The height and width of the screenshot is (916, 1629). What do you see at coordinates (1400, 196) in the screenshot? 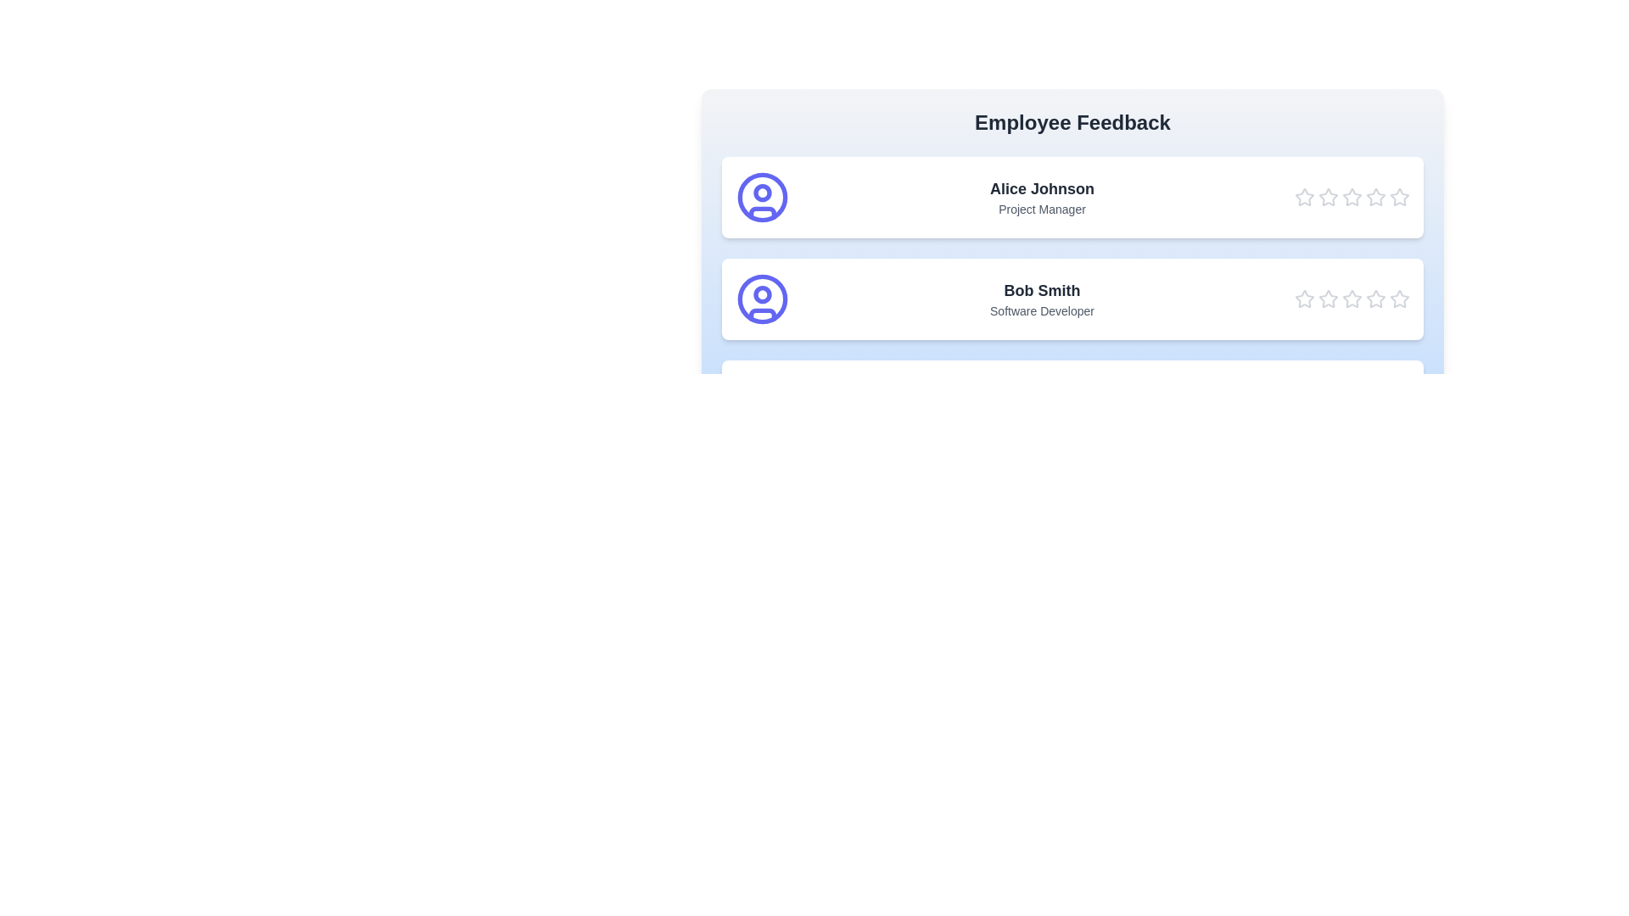
I see `the star corresponding to 5 stars for the employee Alice Johnson` at bounding box center [1400, 196].